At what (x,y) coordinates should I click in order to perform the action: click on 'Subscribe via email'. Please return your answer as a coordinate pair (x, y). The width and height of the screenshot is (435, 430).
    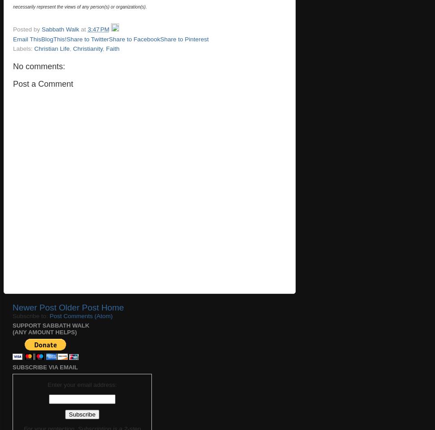
    Looking at the image, I should click on (45, 367).